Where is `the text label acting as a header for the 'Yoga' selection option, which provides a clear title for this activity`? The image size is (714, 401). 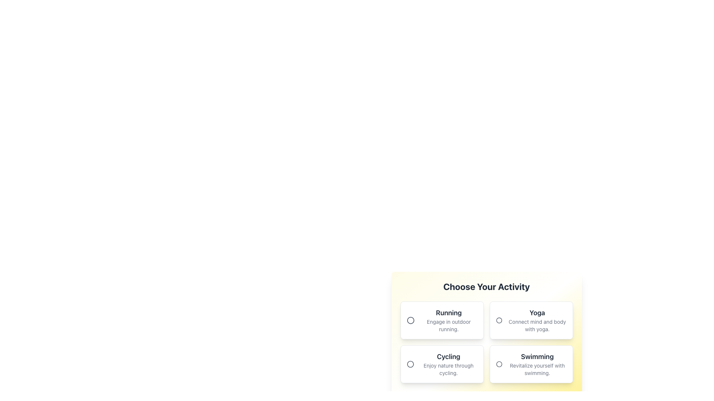 the text label acting as a header for the 'Yoga' selection option, which provides a clear title for this activity is located at coordinates (537, 313).